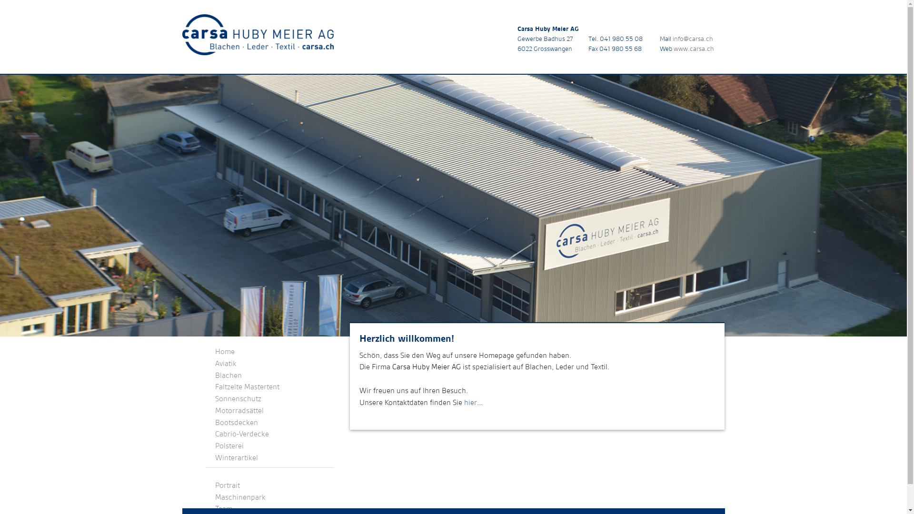 The width and height of the screenshot is (914, 514). What do you see at coordinates (247, 386) in the screenshot?
I see `'Faltzelte Mastertent'` at bounding box center [247, 386].